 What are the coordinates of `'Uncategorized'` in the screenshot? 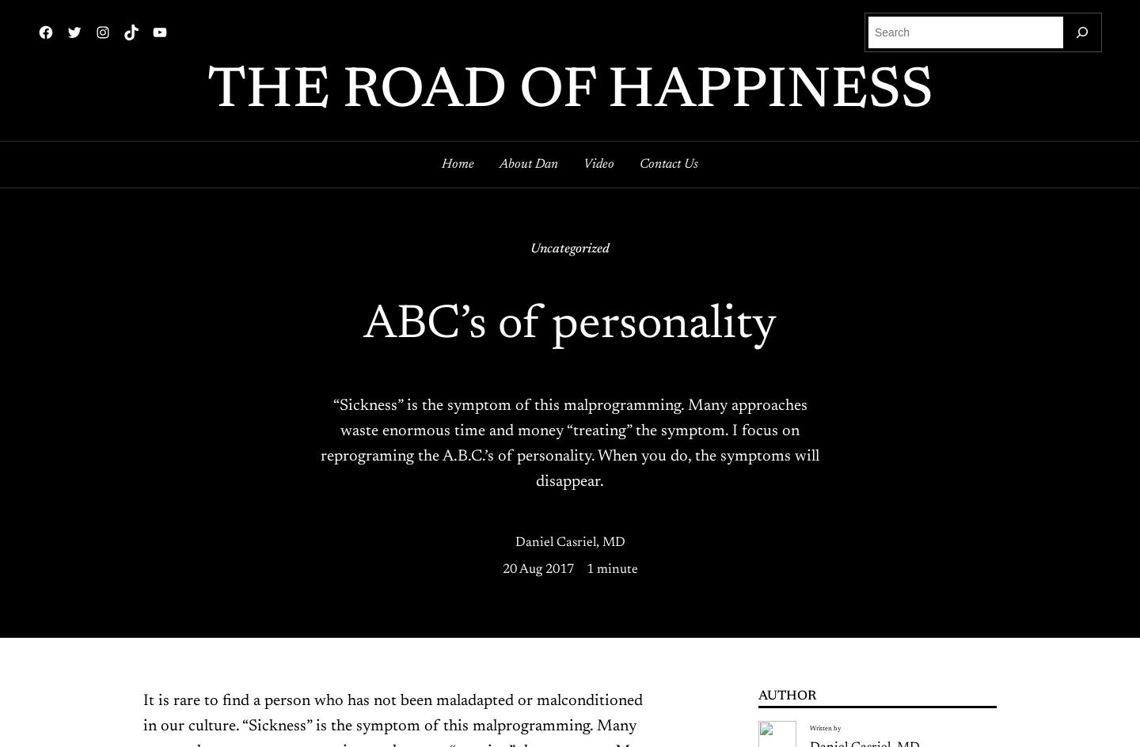 It's located at (570, 248).